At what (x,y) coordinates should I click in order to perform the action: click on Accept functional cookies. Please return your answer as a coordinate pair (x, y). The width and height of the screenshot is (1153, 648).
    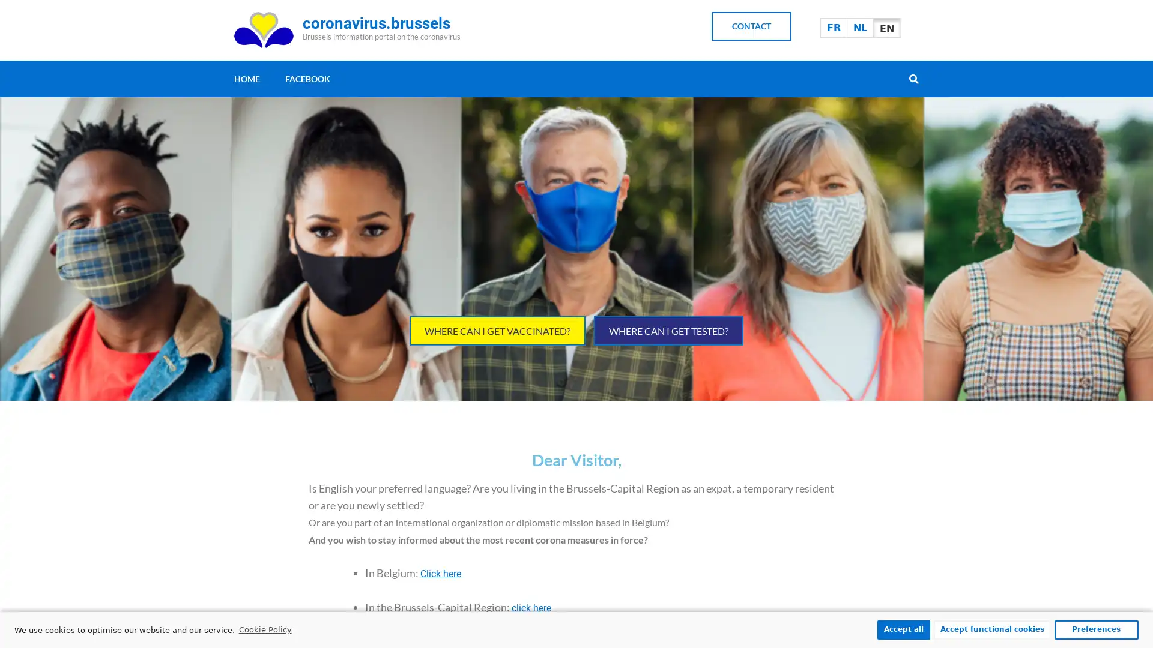
    Looking at the image, I should click on (991, 629).